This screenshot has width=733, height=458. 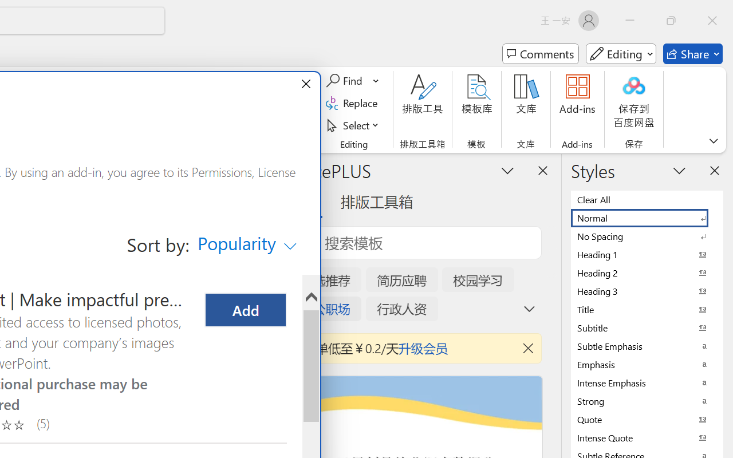 What do you see at coordinates (647, 273) in the screenshot?
I see `'Heading 2'` at bounding box center [647, 273].